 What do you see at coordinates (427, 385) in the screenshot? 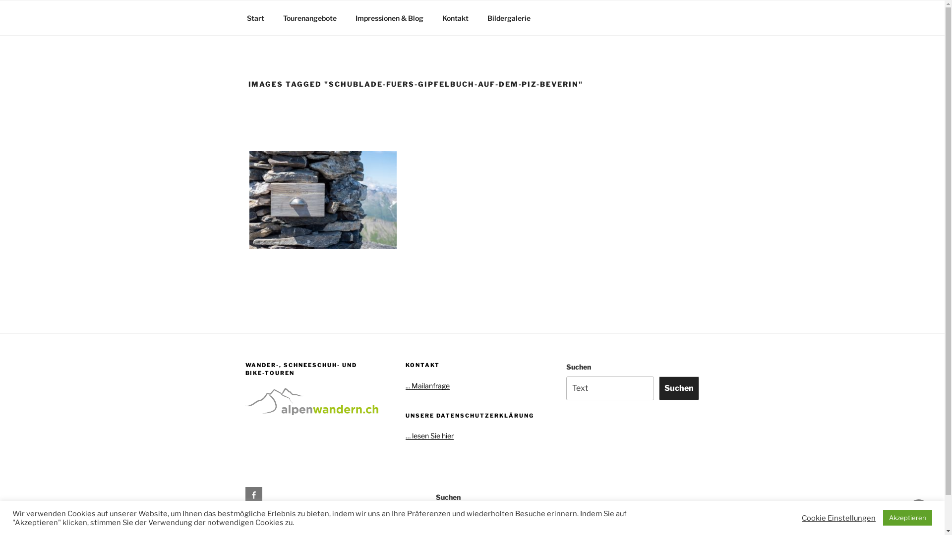
I see `'... Mailanfrage'` at bounding box center [427, 385].